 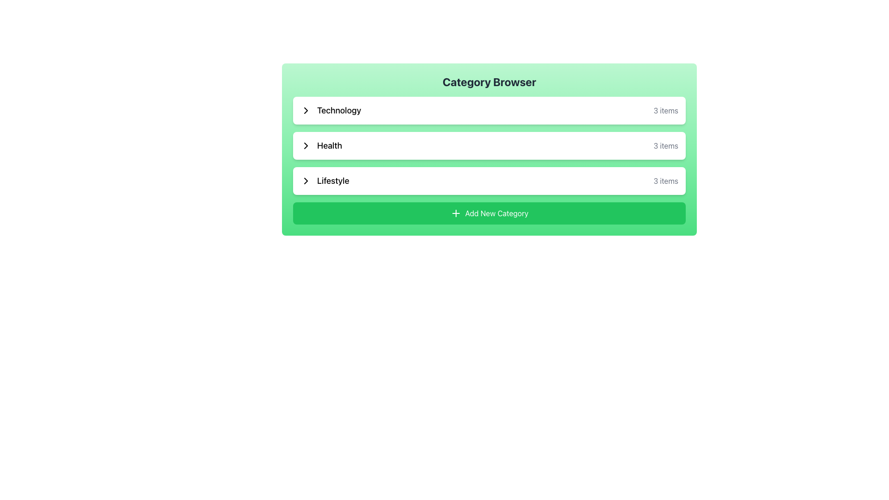 What do you see at coordinates (321, 146) in the screenshot?
I see `the 'Health' category label, which is a bold medium-sized text` at bounding box center [321, 146].